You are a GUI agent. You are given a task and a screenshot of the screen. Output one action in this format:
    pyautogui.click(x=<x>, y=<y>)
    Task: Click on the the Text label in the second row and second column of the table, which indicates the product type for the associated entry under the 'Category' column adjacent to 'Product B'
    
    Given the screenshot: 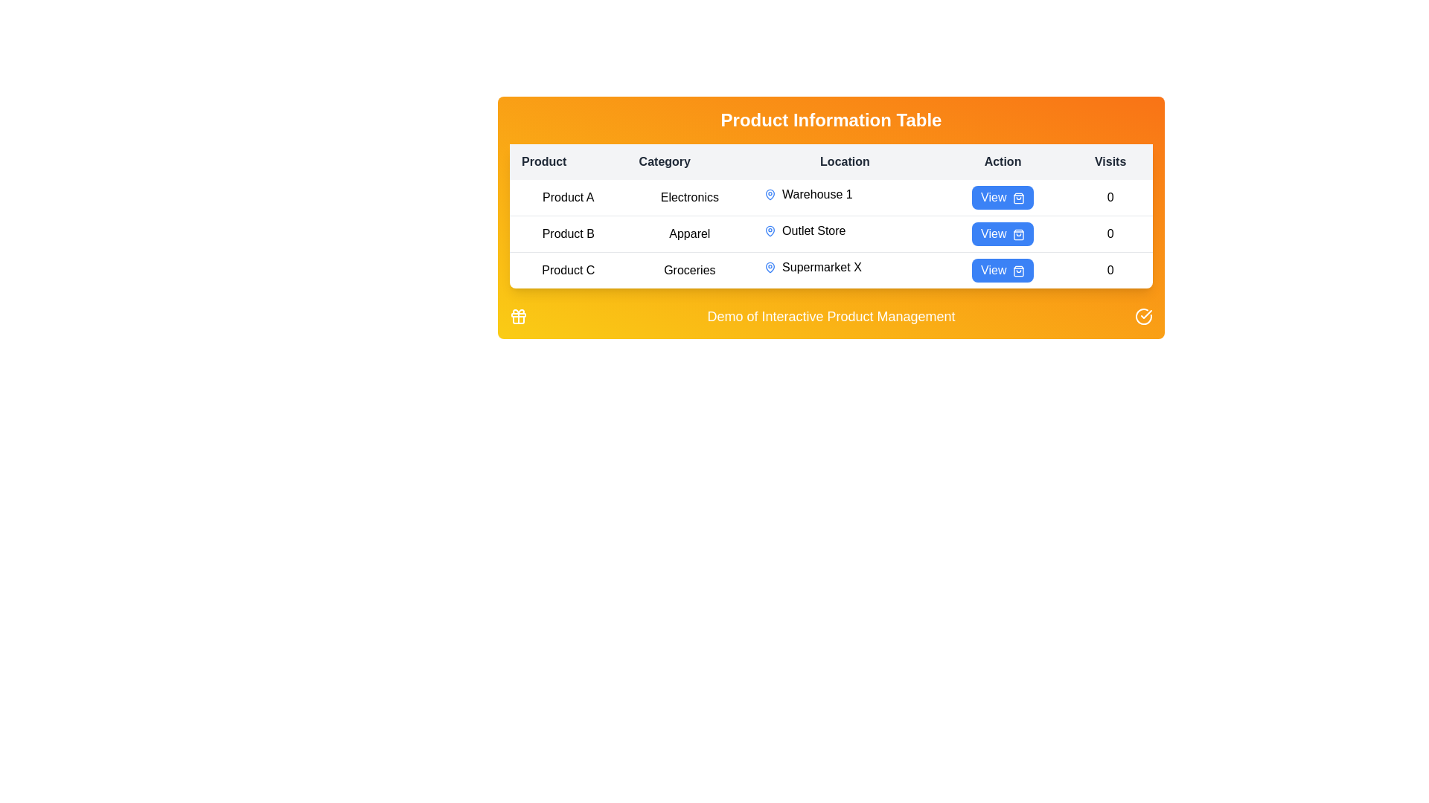 What is the action you would take?
    pyautogui.click(x=688, y=234)
    